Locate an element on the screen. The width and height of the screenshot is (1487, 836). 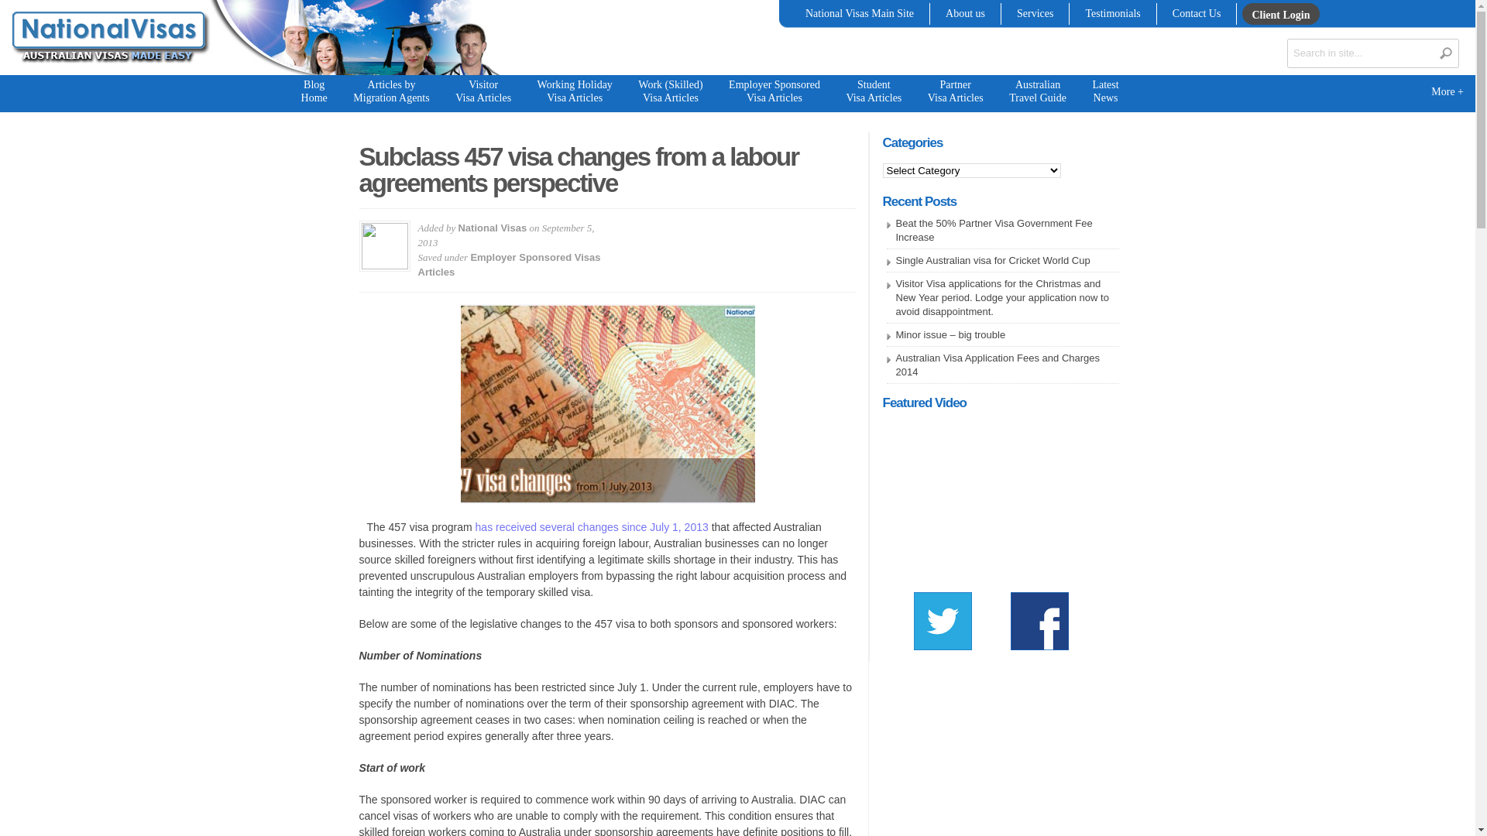
'Partner is located at coordinates (915, 92).